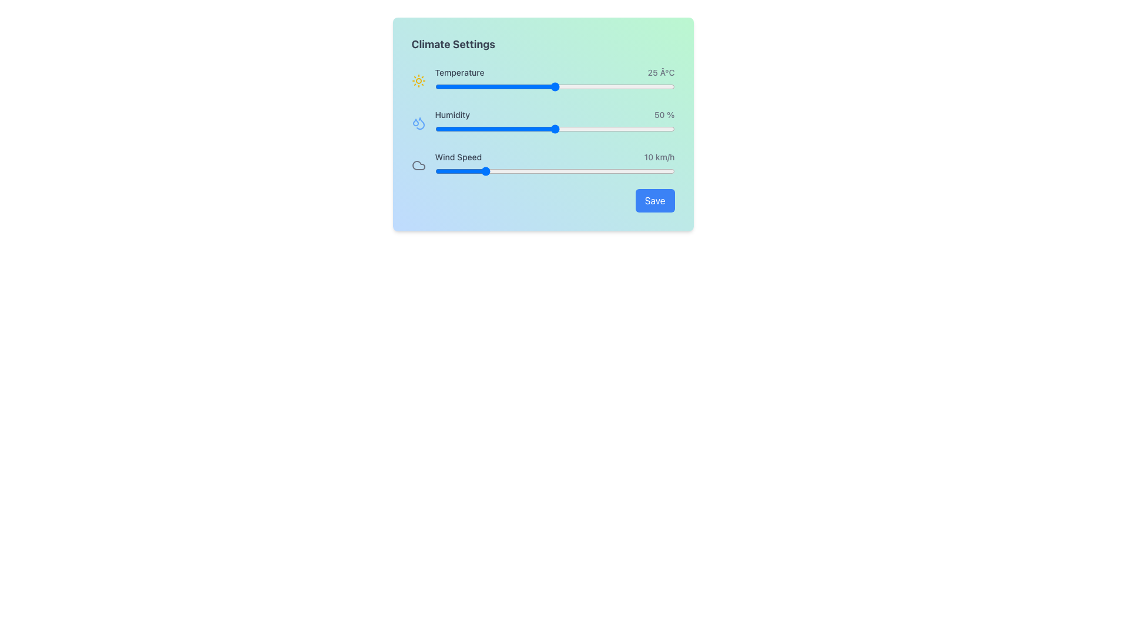 The height and width of the screenshot is (634, 1128). I want to click on the slider, so click(545, 86).